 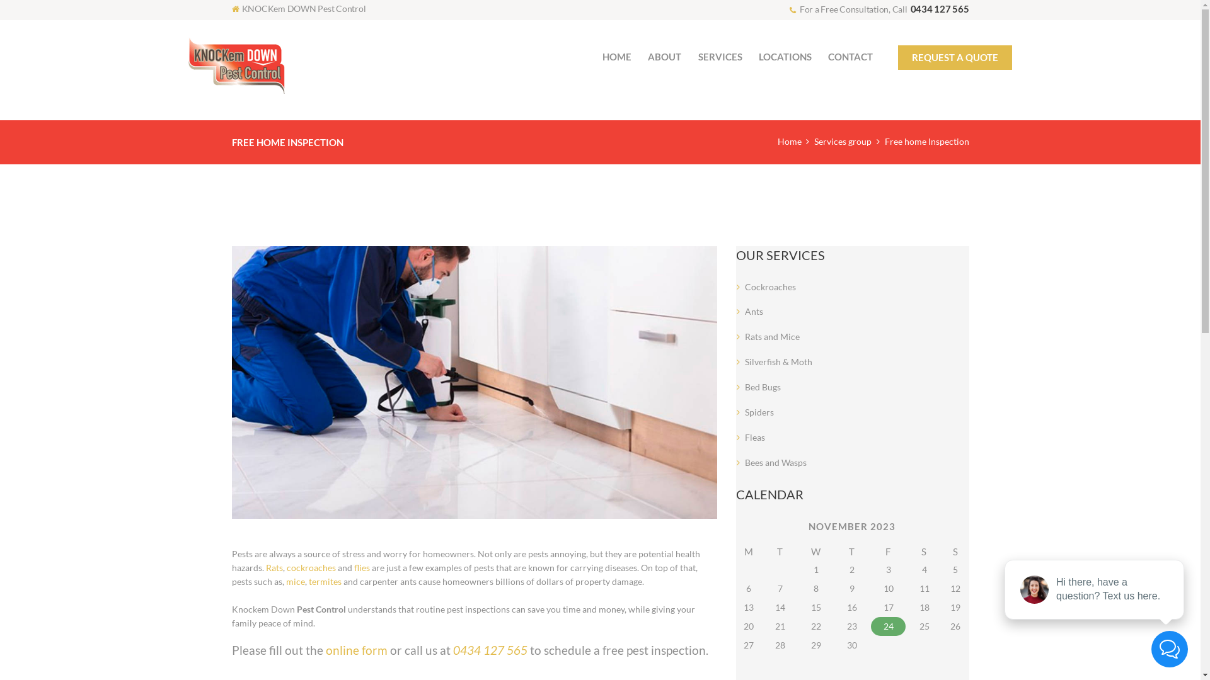 What do you see at coordinates (311, 567) in the screenshot?
I see `'cockroaches'` at bounding box center [311, 567].